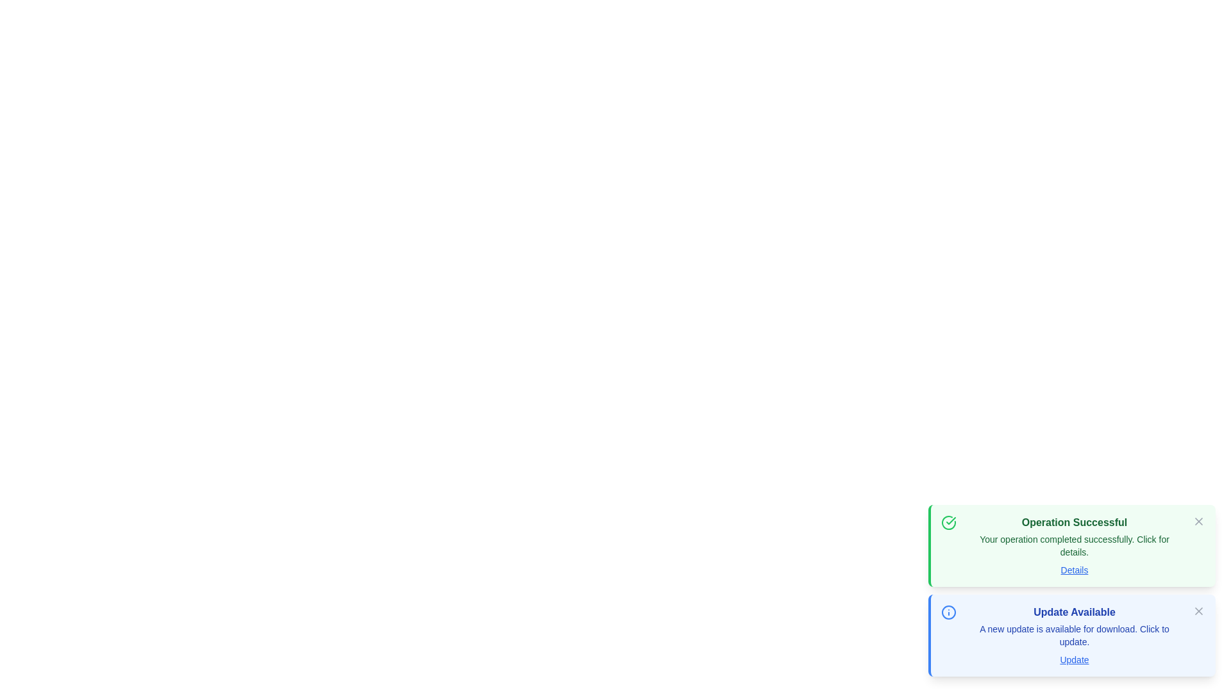  What do you see at coordinates (1074, 635) in the screenshot?
I see `the descriptive text element informing the user about the available update, which is located below the 'Update Available' title and above the 'Update' link in the notification card` at bounding box center [1074, 635].